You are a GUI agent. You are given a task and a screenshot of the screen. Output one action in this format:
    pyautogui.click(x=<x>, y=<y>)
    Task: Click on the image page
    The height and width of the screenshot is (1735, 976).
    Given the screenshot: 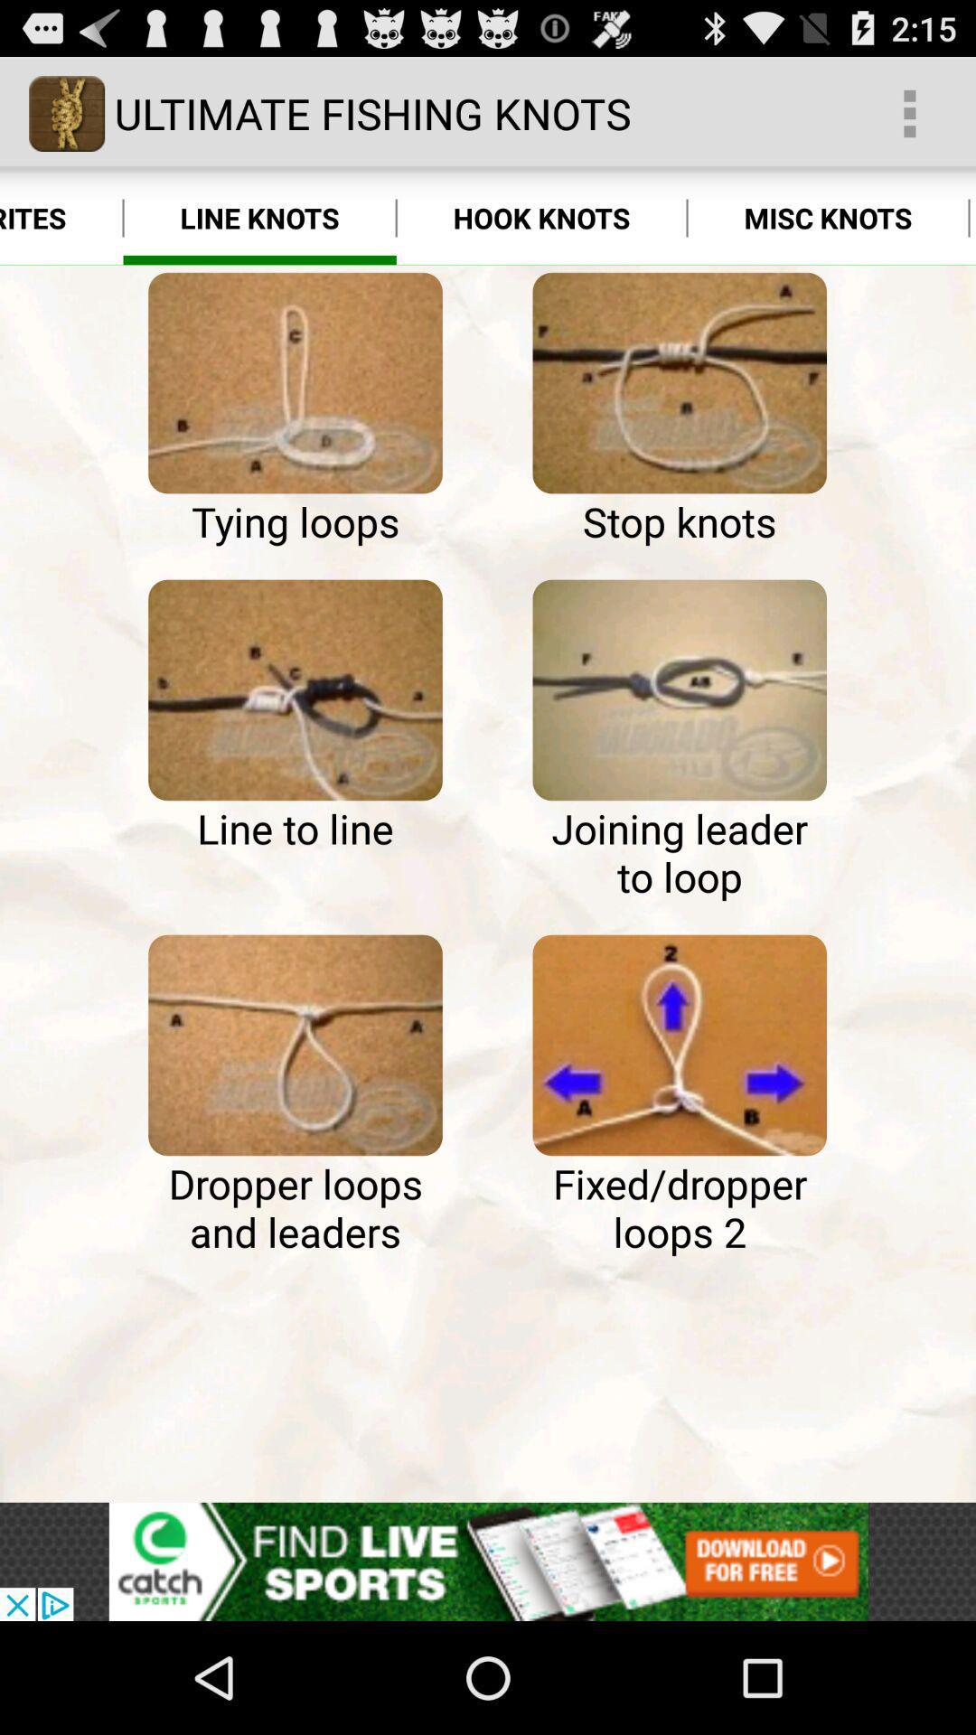 What is the action you would take?
    pyautogui.click(x=295, y=382)
    